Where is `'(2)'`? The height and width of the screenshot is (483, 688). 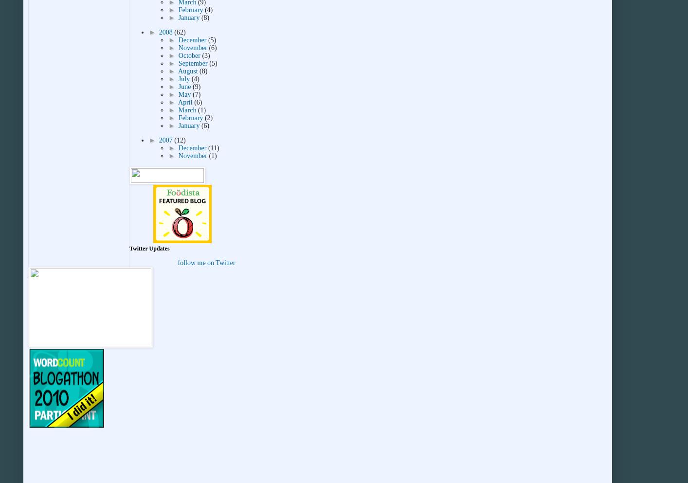
'(2)' is located at coordinates (203, 117).